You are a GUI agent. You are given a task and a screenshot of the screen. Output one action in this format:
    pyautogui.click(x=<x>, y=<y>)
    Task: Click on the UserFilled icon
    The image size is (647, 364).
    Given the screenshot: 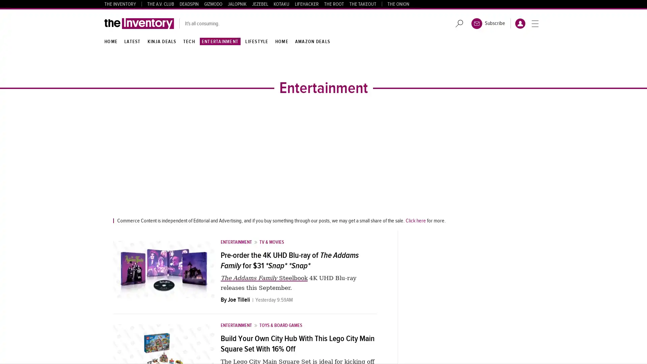 What is the action you would take?
    pyautogui.click(x=520, y=23)
    